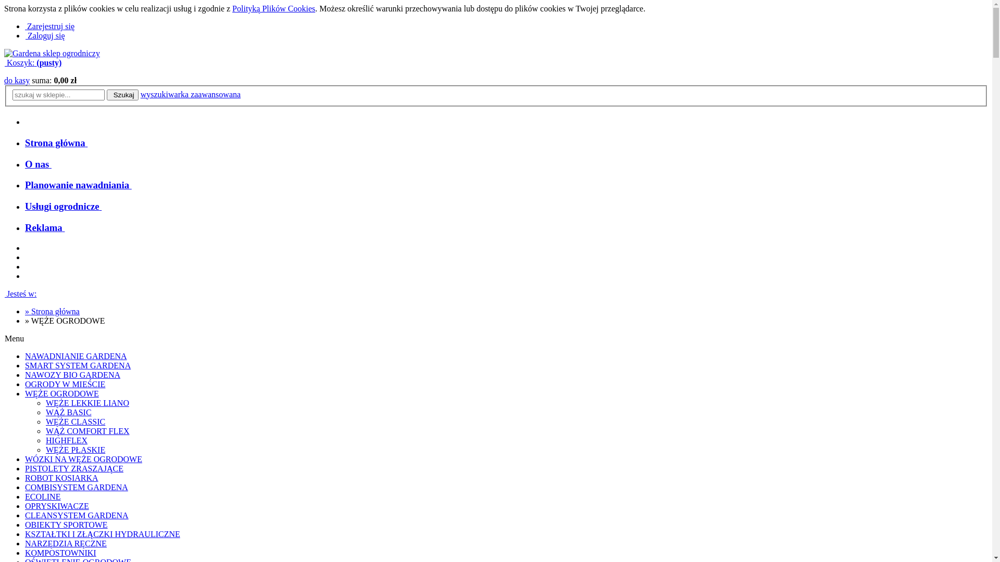  What do you see at coordinates (122, 95) in the screenshot?
I see `'Szukaj'` at bounding box center [122, 95].